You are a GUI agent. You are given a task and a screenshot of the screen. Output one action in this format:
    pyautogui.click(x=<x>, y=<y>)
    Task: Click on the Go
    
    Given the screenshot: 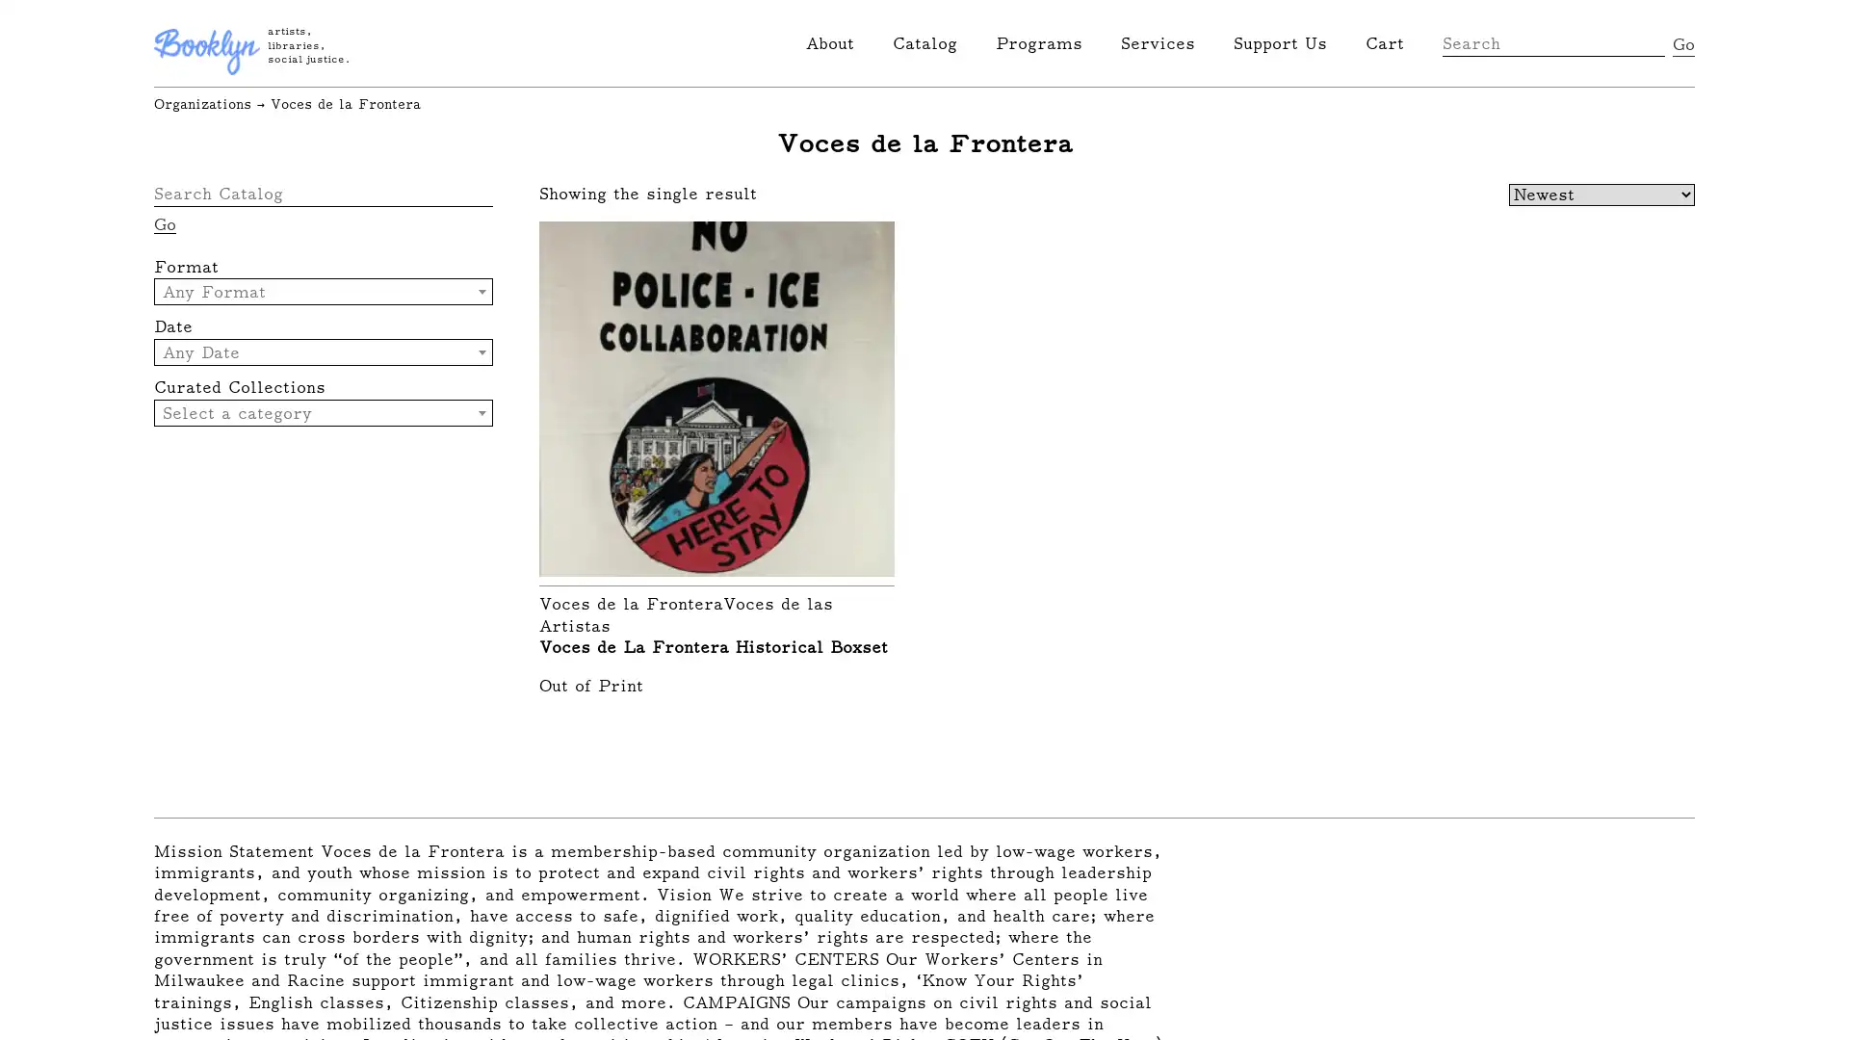 What is the action you would take?
    pyautogui.click(x=165, y=223)
    